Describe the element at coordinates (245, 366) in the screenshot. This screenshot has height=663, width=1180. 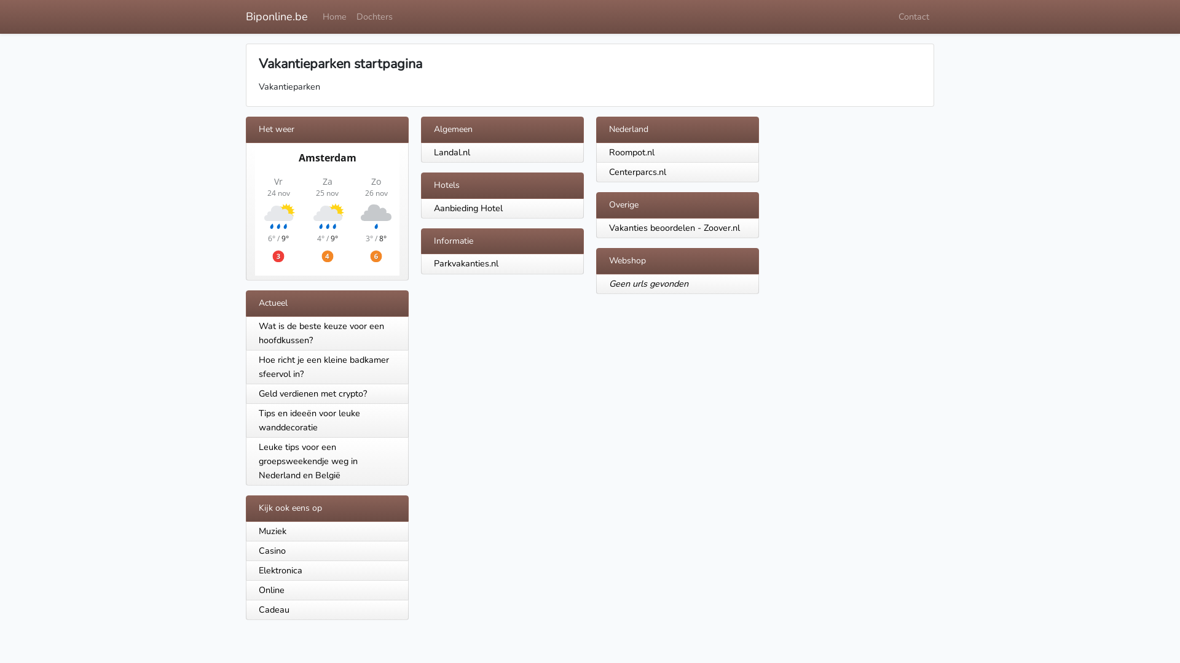
I see `'Hoe richt je een kleine badkamer sfeervol in?'` at that location.